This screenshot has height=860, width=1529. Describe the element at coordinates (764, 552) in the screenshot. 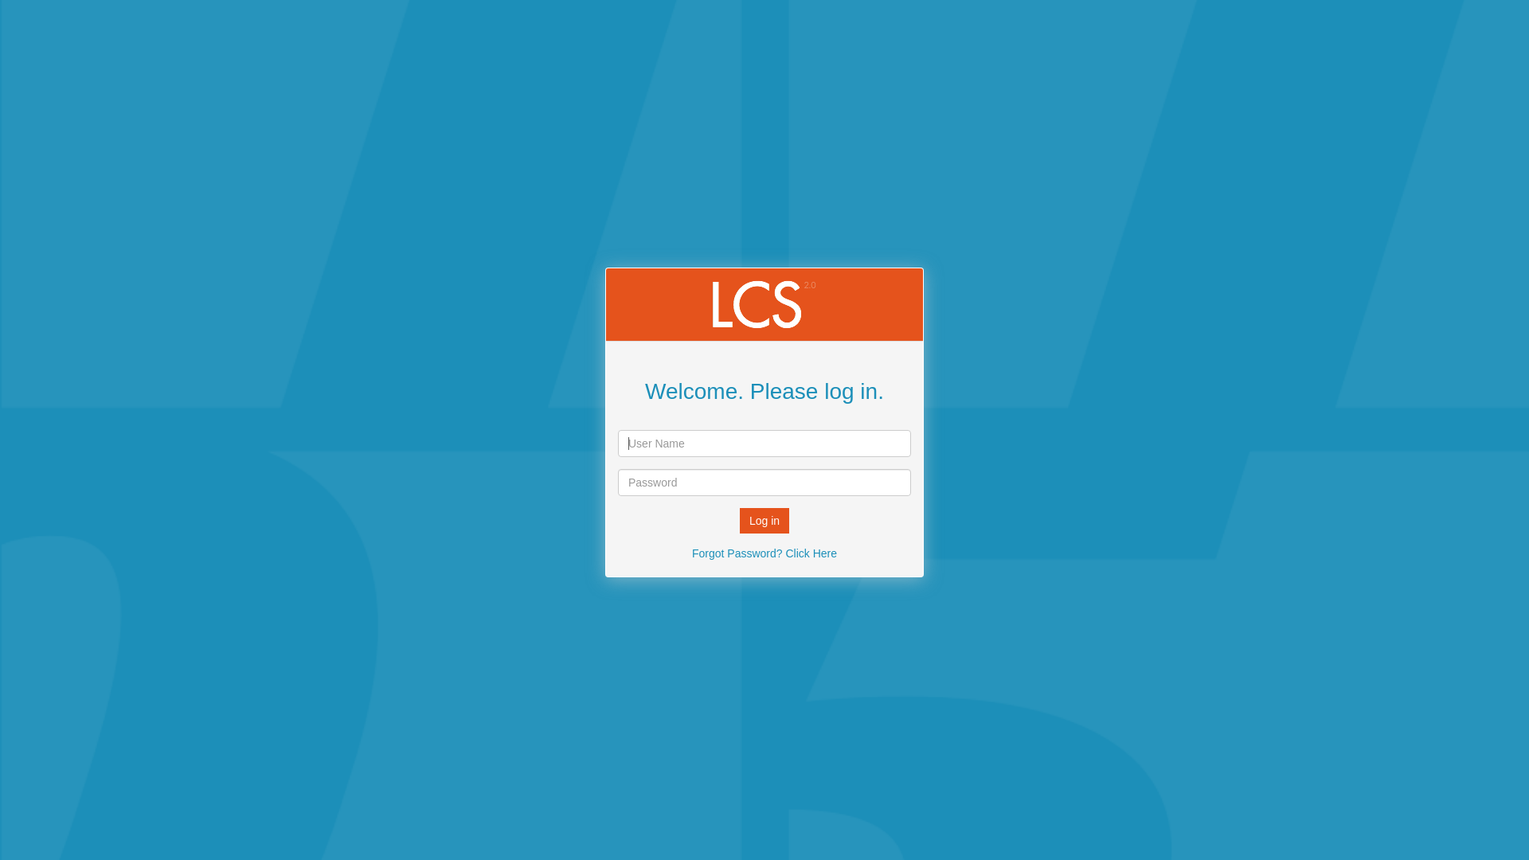

I see `'Forgot Password? Click Here'` at that location.